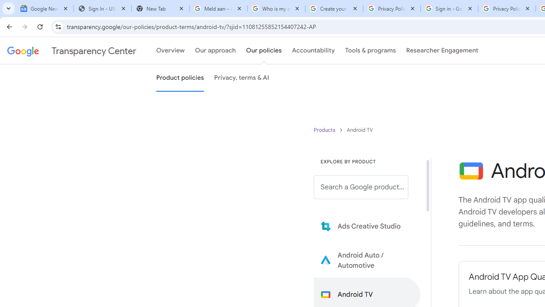 The height and width of the screenshot is (307, 545). I want to click on 'Learn more about Android Auto', so click(367, 260).